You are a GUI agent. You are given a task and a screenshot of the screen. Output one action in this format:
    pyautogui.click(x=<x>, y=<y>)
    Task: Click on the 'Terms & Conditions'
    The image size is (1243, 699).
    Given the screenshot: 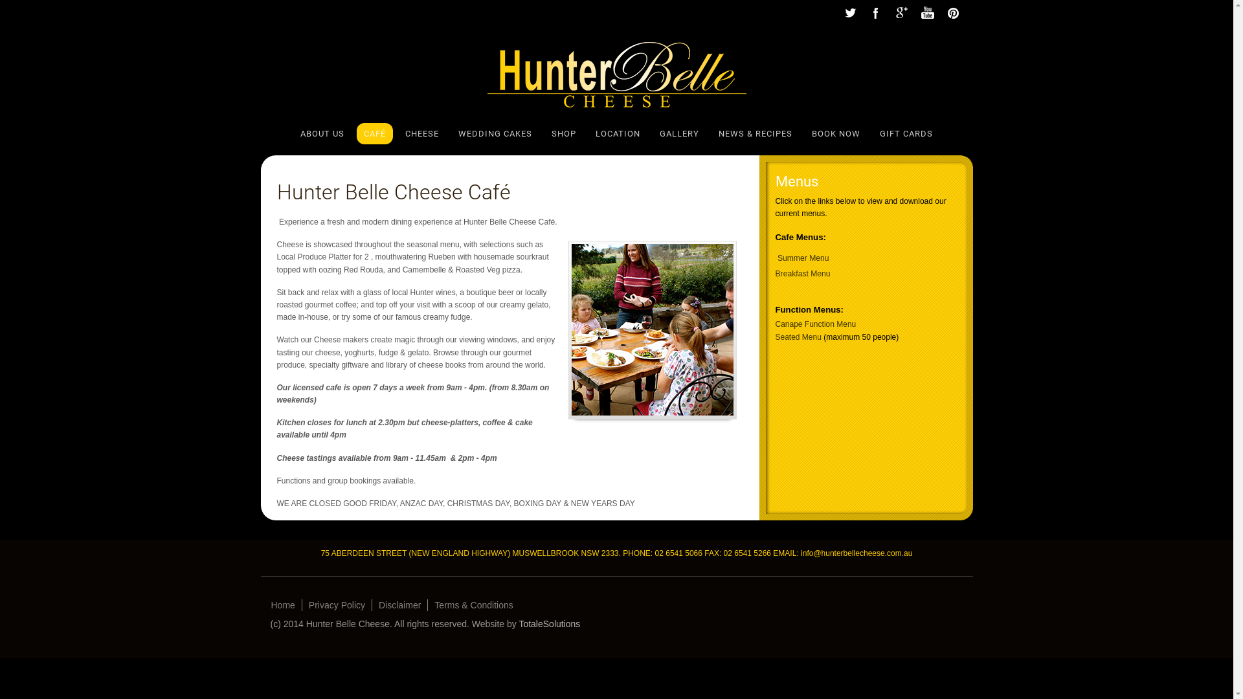 What is the action you would take?
    pyautogui.click(x=428, y=605)
    